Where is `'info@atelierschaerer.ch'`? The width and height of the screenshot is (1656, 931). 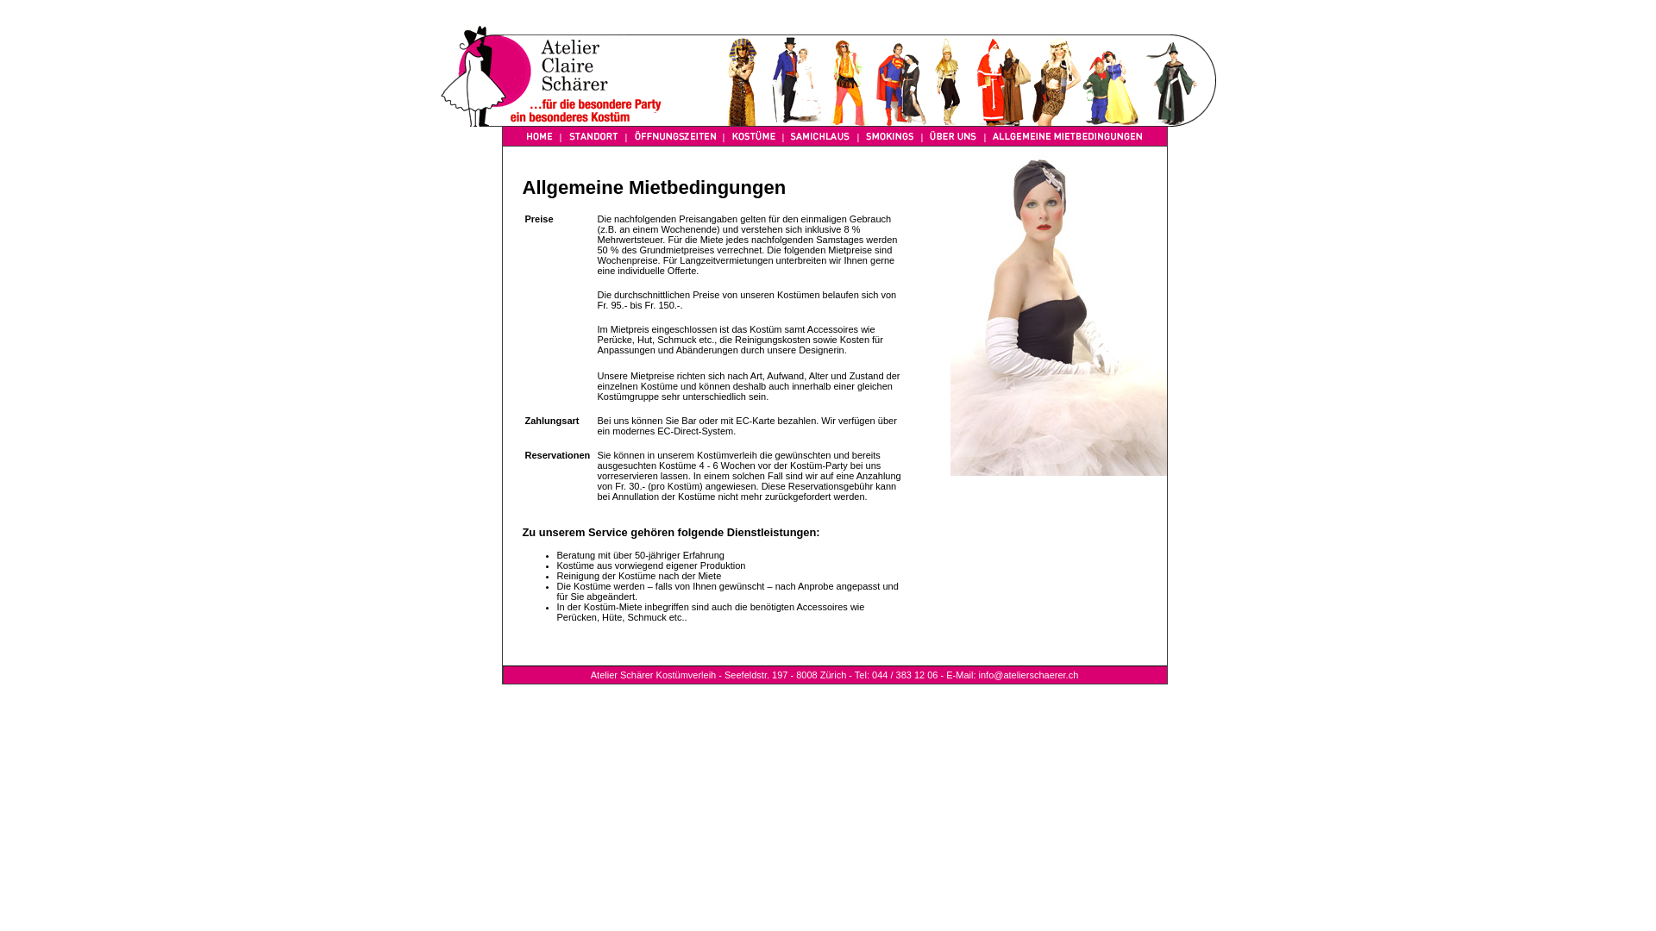
'info@atelierschaerer.ch' is located at coordinates (1029, 674).